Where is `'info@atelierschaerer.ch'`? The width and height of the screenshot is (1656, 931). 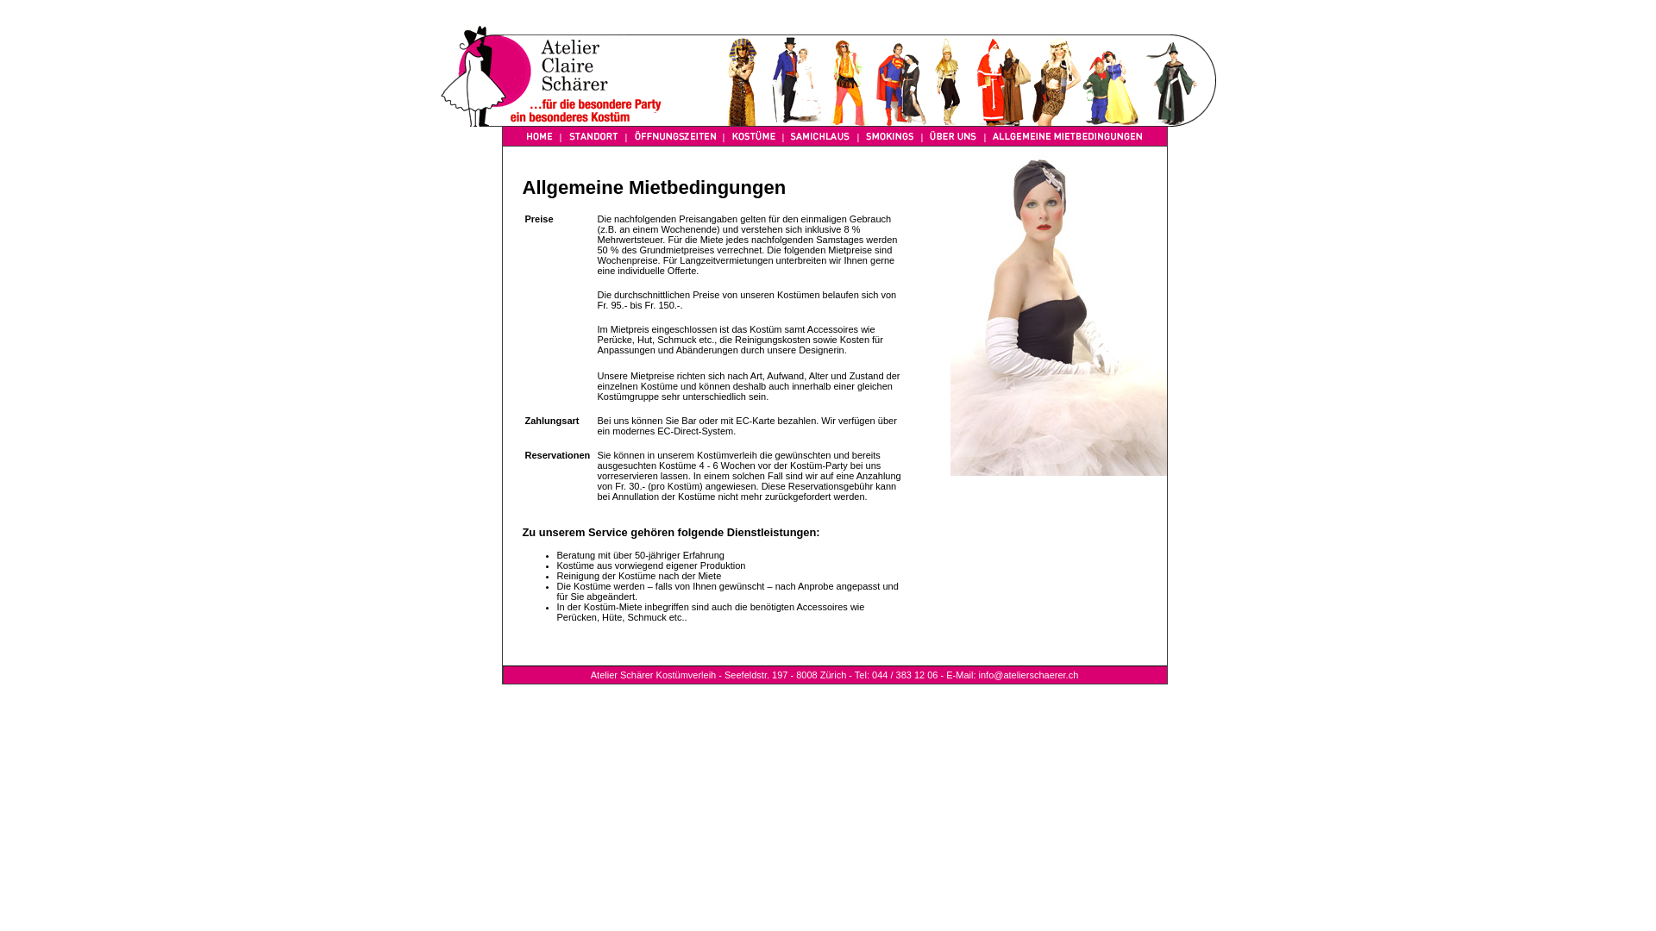
'info@atelierschaerer.ch' is located at coordinates (1029, 674).